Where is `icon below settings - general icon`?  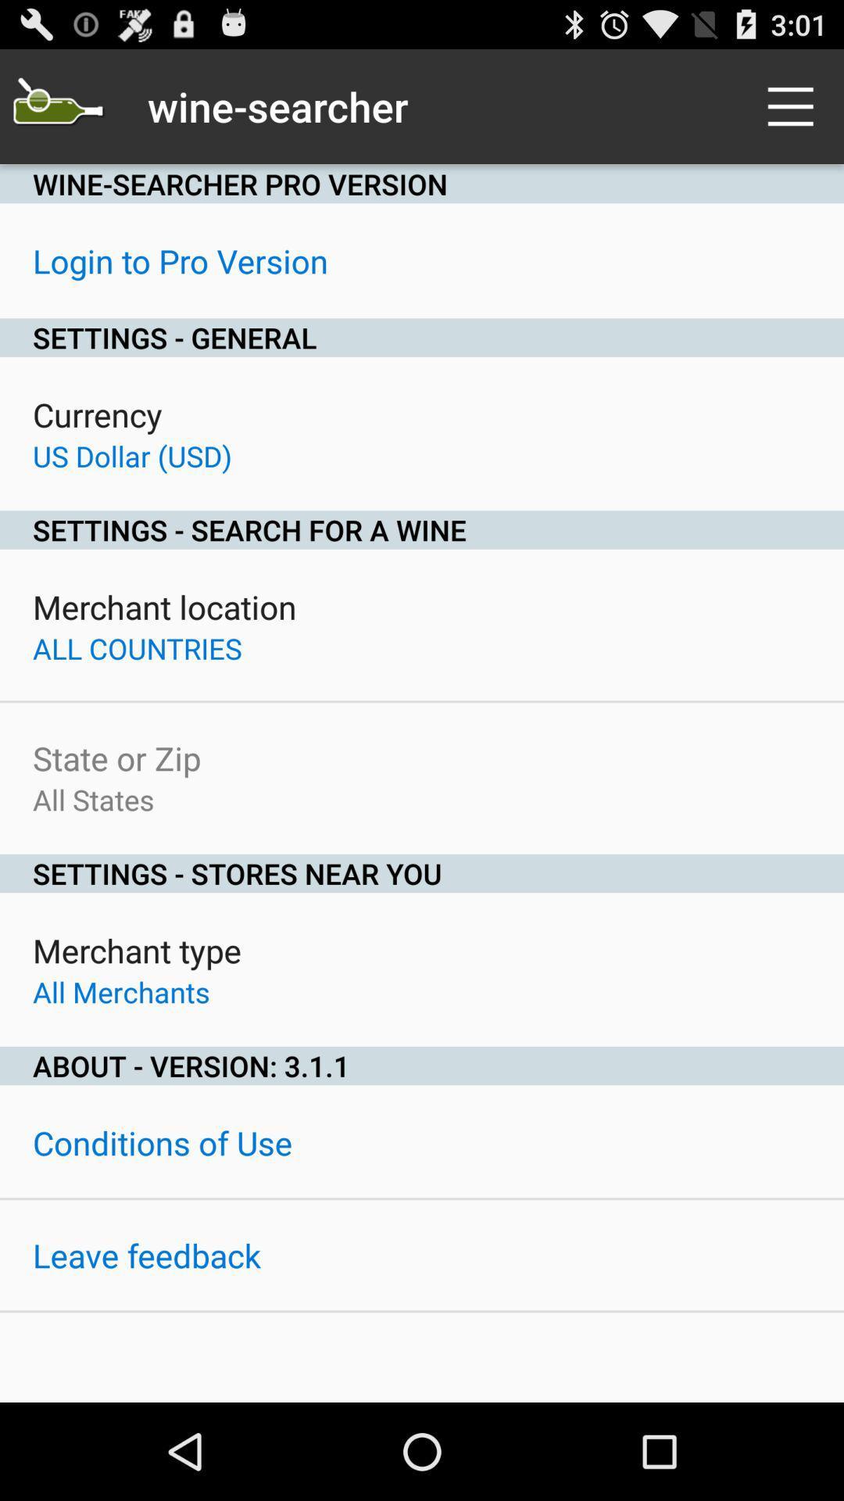
icon below settings - general icon is located at coordinates (97, 414).